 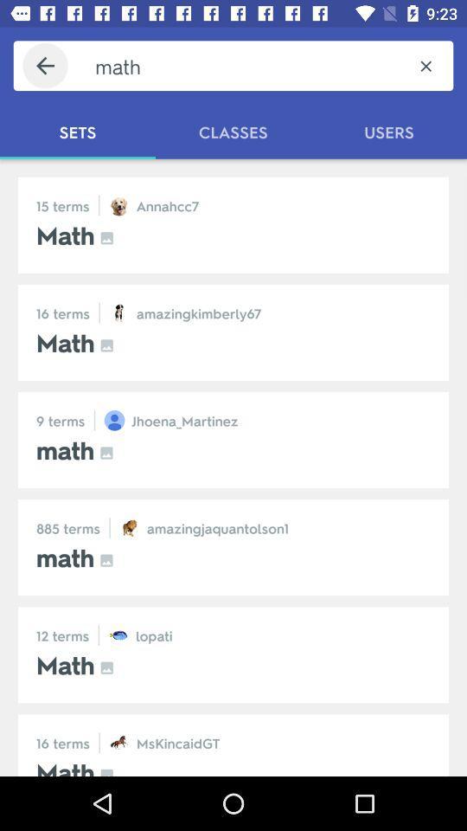 I want to click on math which is present in the text box, so click(x=246, y=66).